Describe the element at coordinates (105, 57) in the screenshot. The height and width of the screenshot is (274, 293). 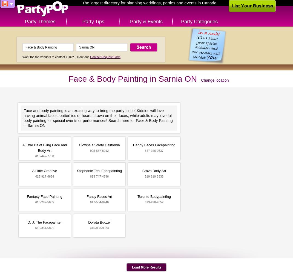
I see `'Contact Request Form'` at that location.